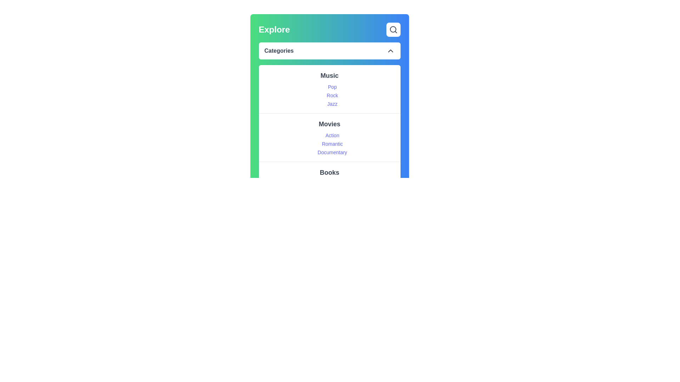  What do you see at coordinates (274, 29) in the screenshot?
I see `text label located at the left side of the header section, which serves as the title for the section` at bounding box center [274, 29].